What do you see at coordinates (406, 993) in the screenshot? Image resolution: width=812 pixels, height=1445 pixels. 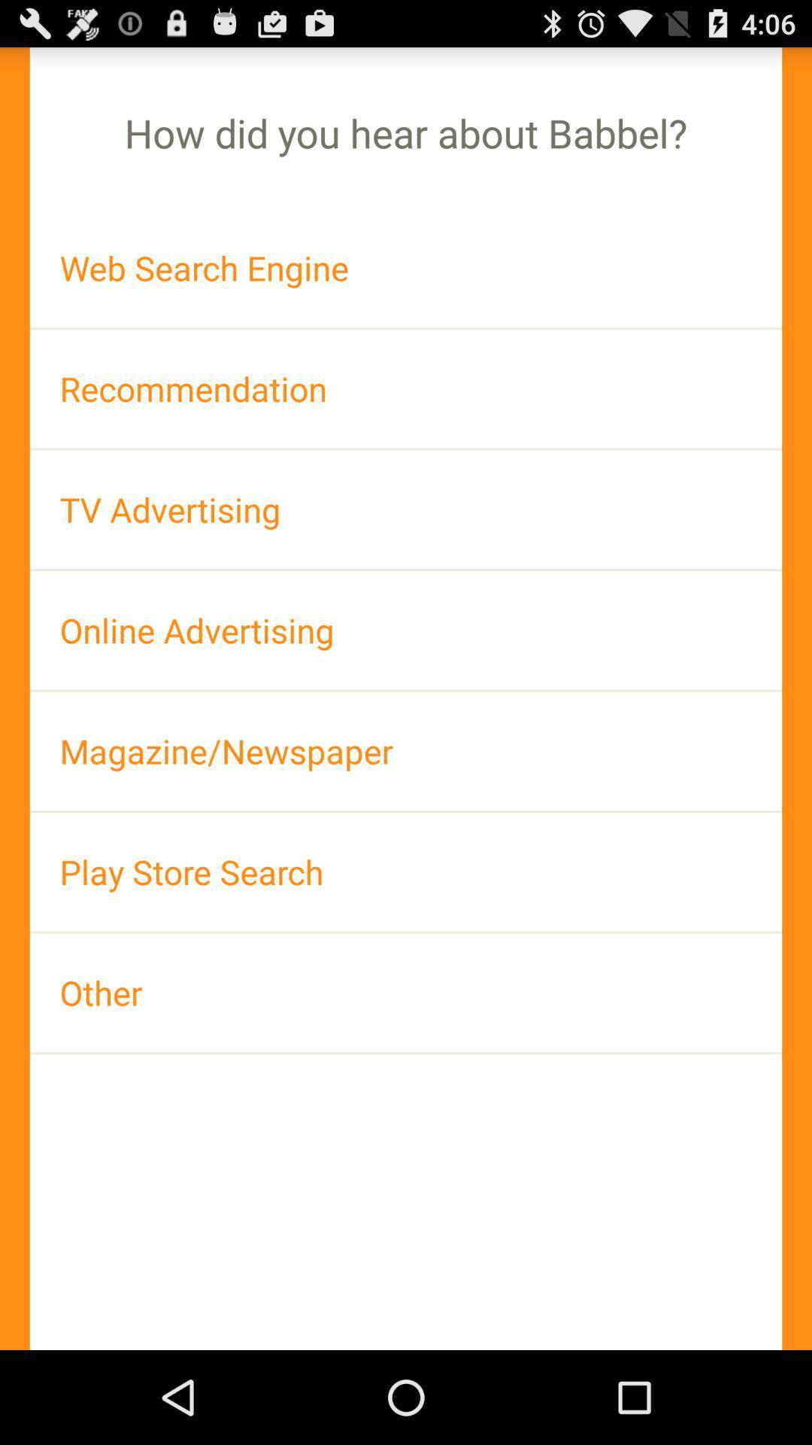 I see `the other` at bounding box center [406, 993].